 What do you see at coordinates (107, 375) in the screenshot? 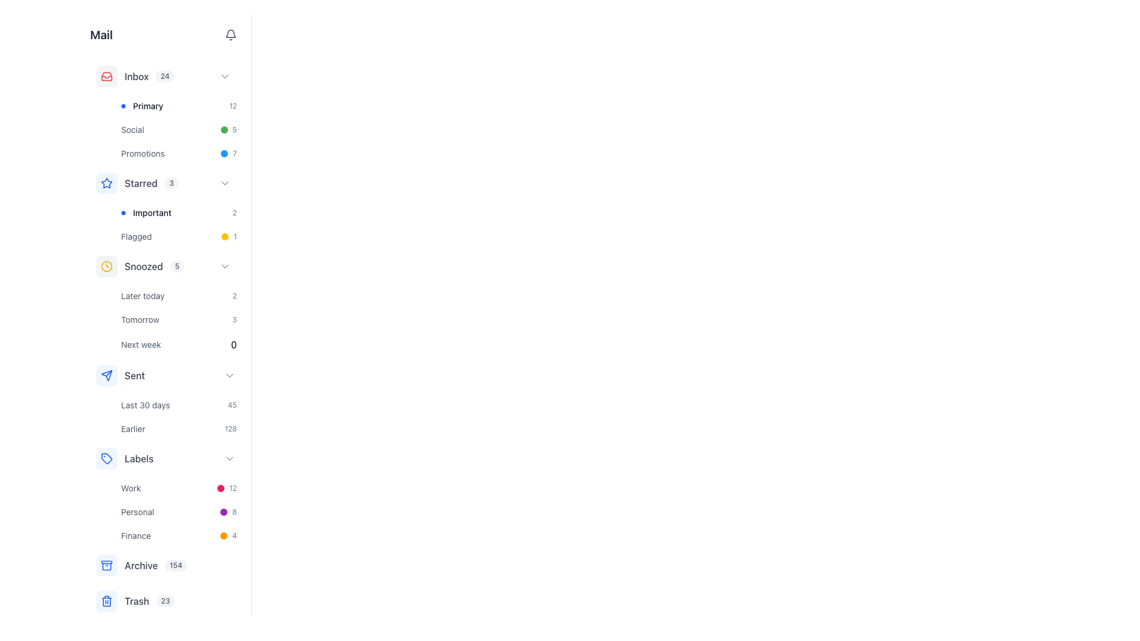
I see `the 'Sent' menu icon located in the left-hand navigation panel to visually indicate the category` at bounding box center [107, 375].